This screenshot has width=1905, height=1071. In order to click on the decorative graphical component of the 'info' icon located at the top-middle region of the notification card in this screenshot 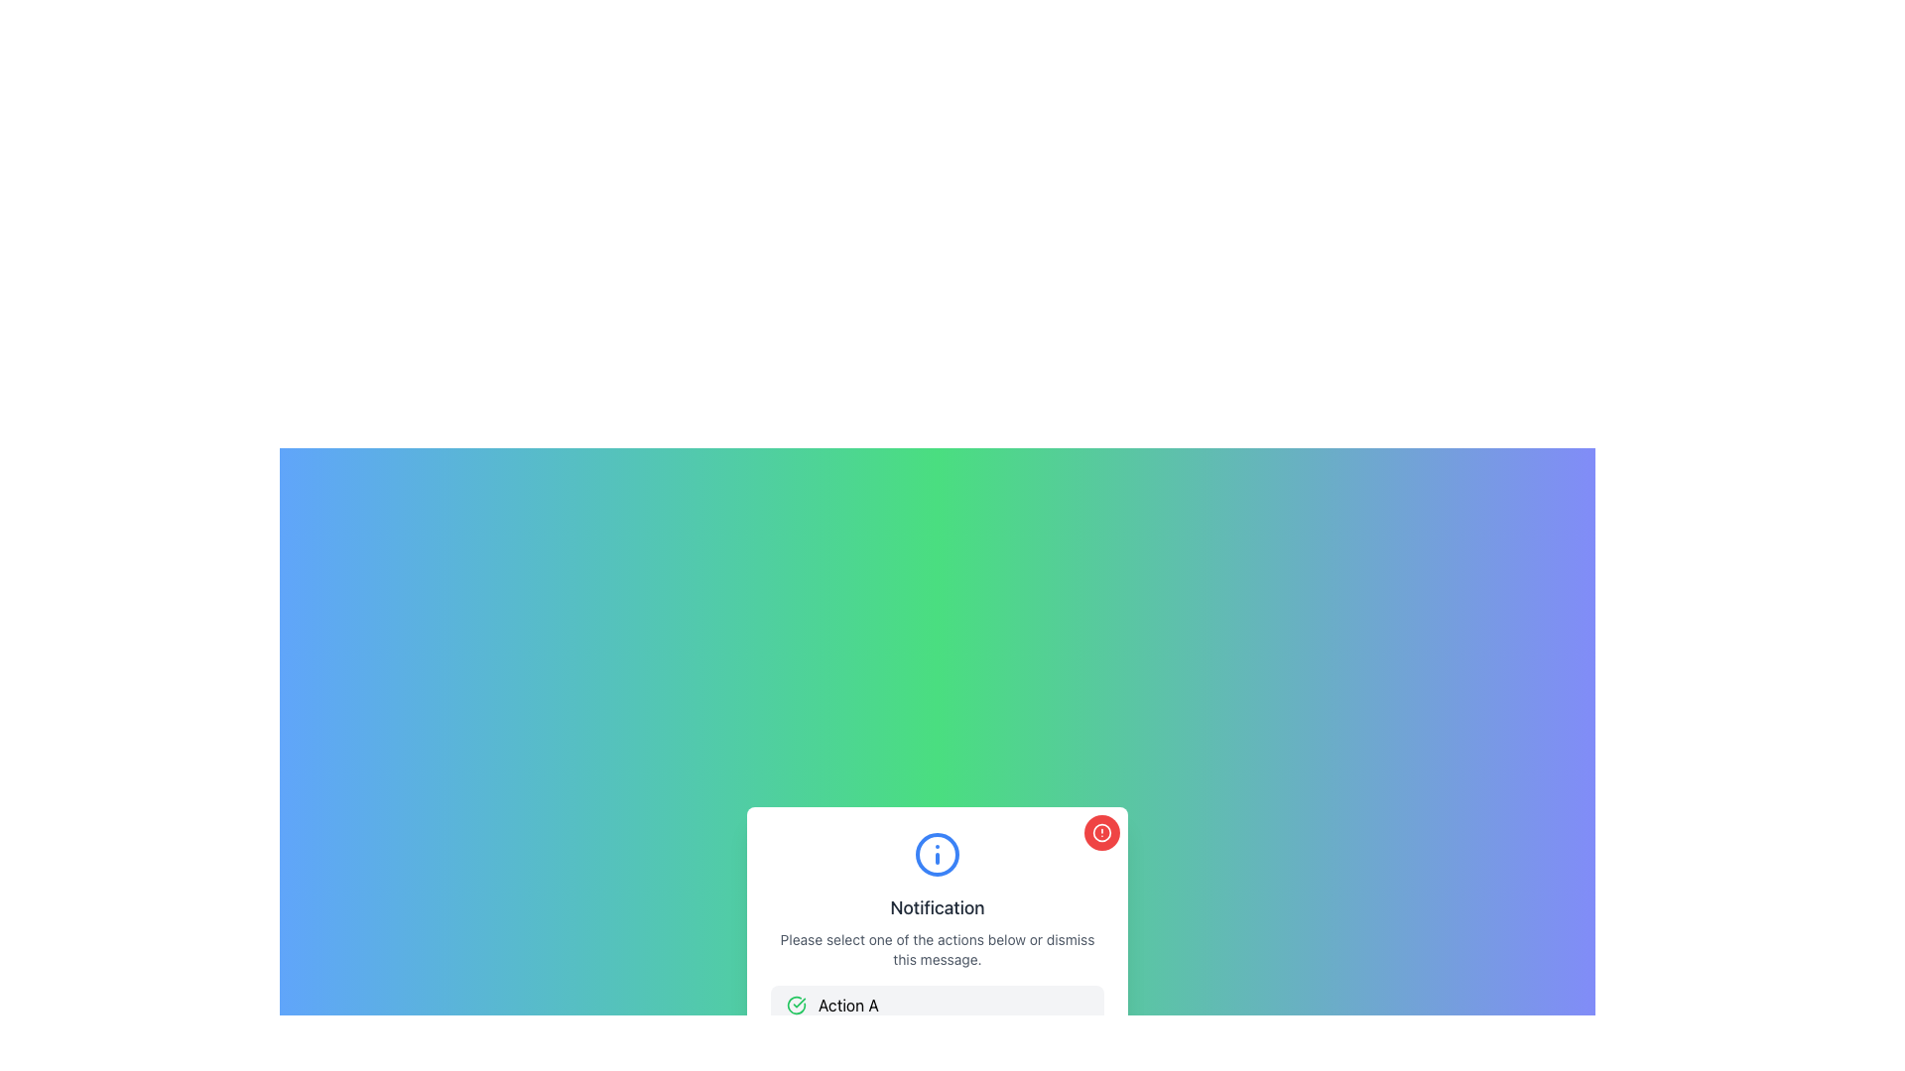, I will do `click(937, 853)`.